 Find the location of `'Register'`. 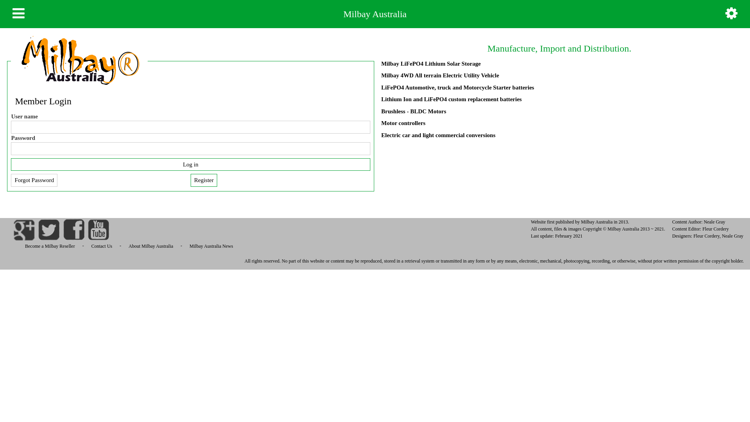

'Register' is located at coordinates (204, 180).